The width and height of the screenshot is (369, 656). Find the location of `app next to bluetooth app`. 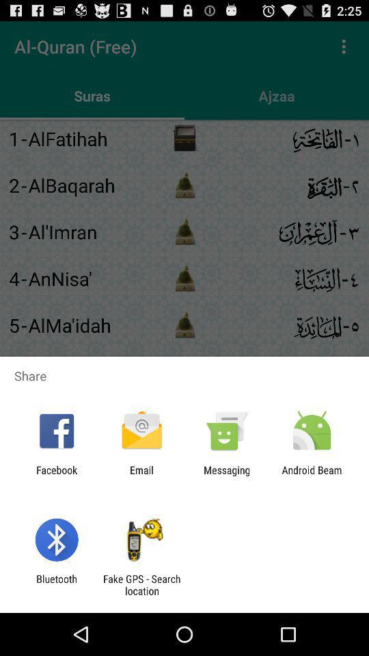

app next to bluetooth app is located at coordinates (141, 584).